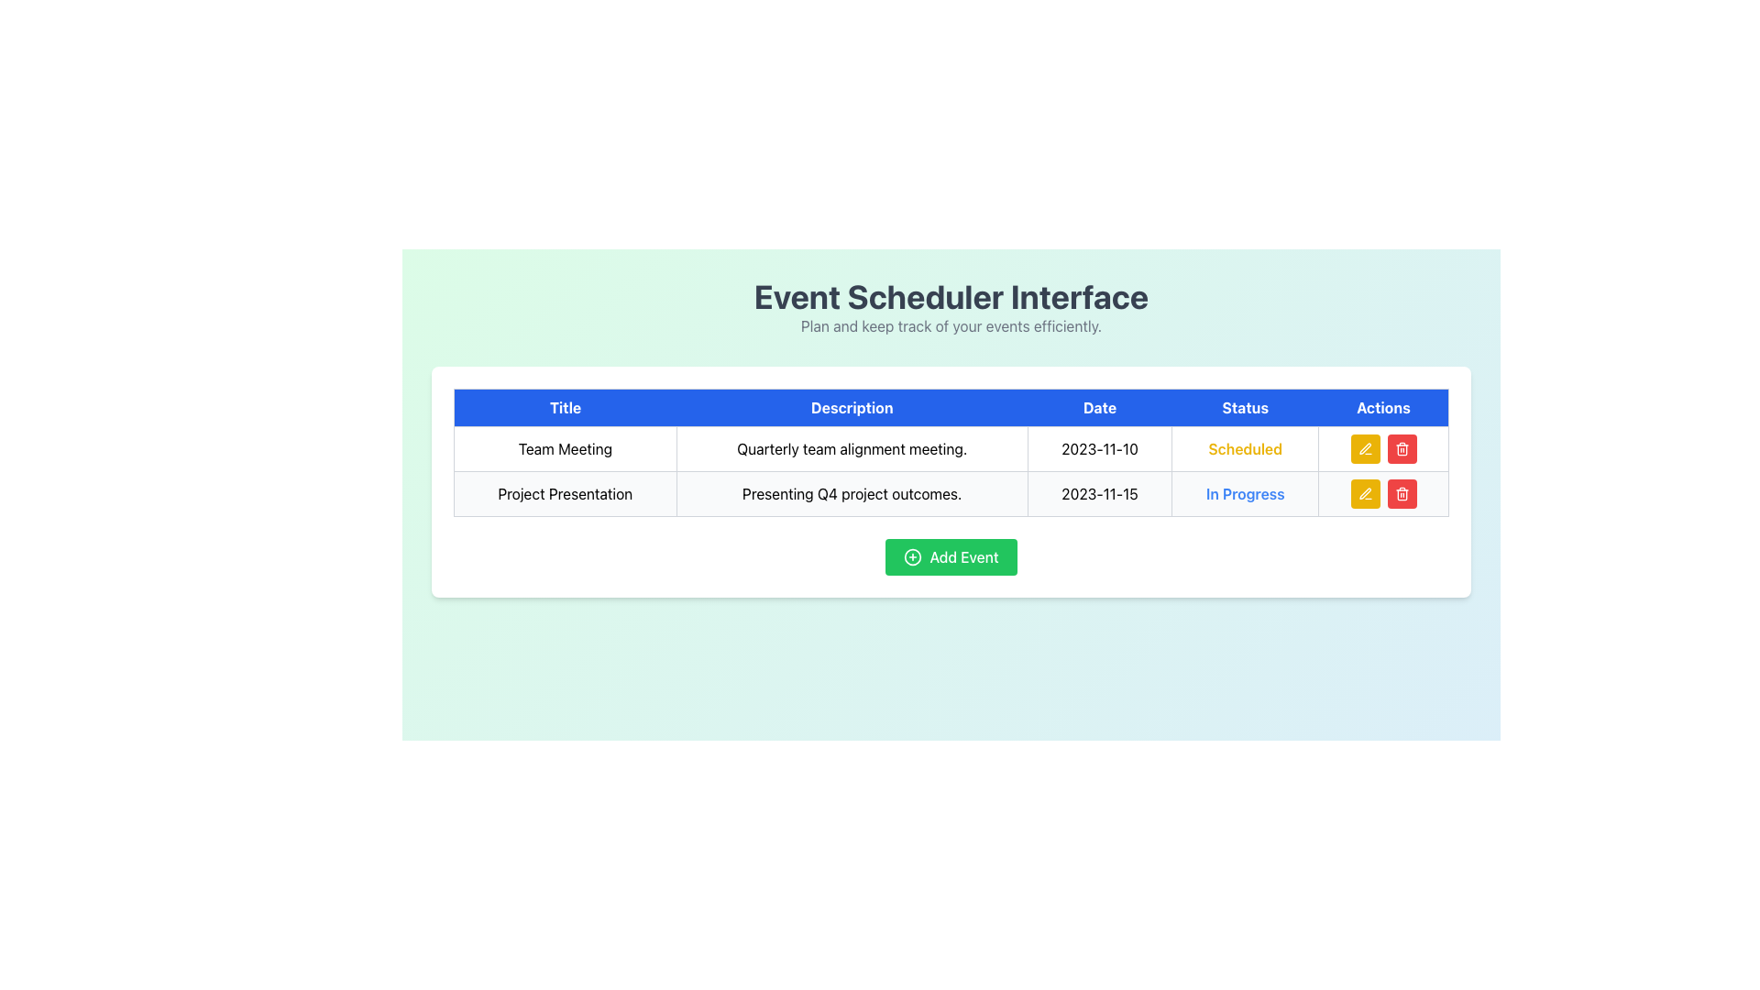 This screenshot has width=1760, height=990. What do you see at coordinates (1245, 493) in the screenshot?
I see `the Text Label indicating the 'In Progress' status of the 'Project Presentation' in the Status column of the second row of the table` at bounding box center [1245, 493].